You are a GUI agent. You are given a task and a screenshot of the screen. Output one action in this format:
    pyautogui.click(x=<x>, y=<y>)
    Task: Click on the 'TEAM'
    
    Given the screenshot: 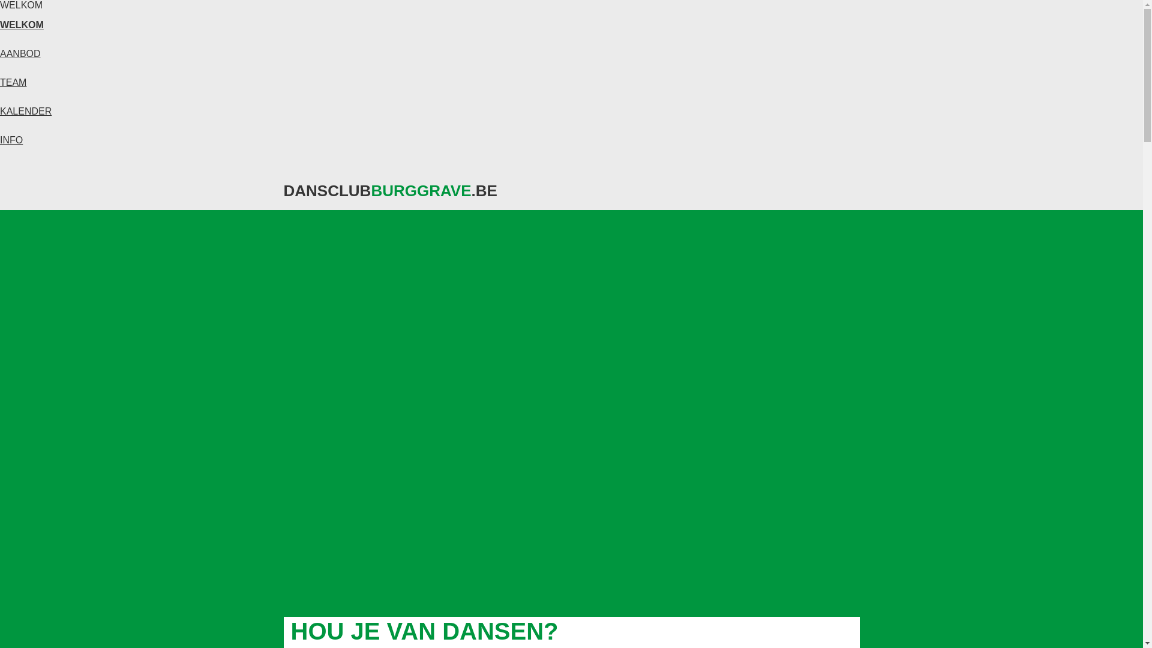 What is the action you would take?
    pyautogui.click(x=13, y=82)
    